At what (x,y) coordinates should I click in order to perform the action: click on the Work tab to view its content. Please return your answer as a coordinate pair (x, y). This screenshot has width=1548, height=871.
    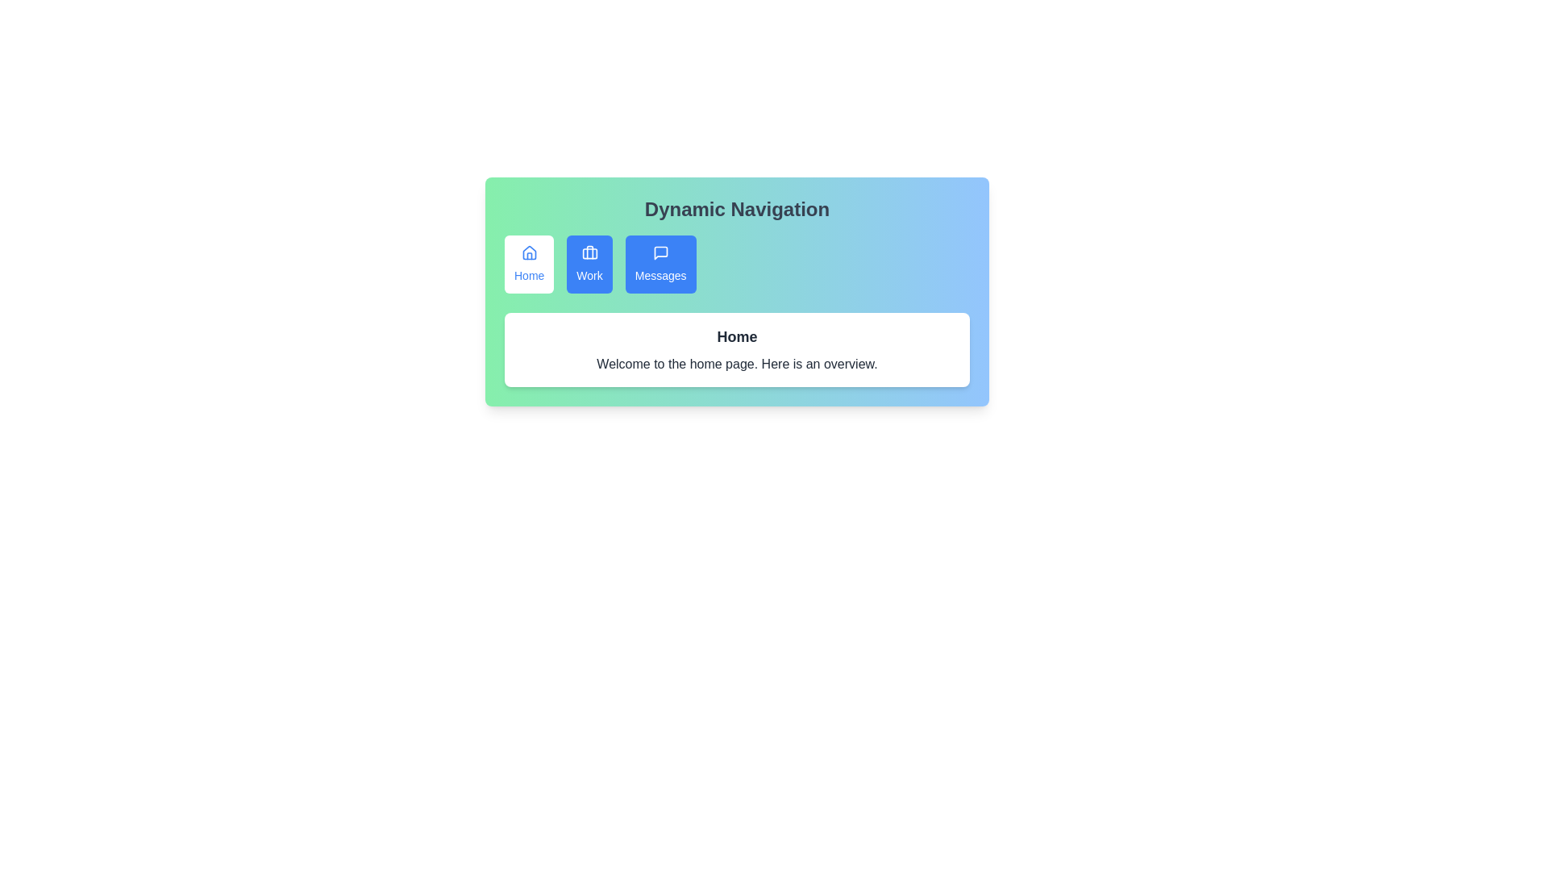
    Looking at the image, I should click on (588, 263).